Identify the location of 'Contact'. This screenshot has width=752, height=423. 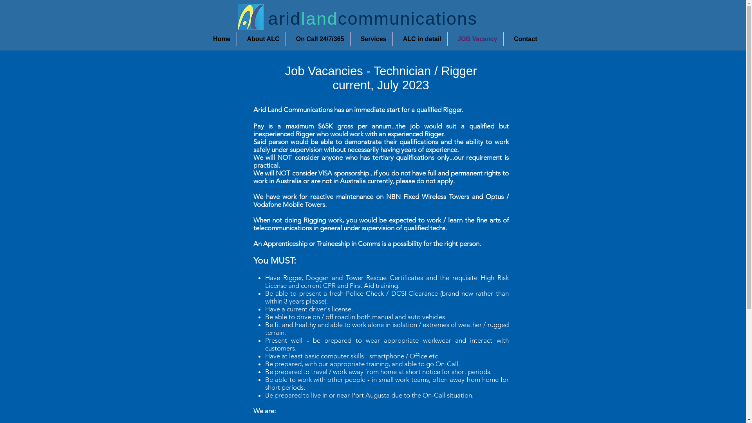
(523, 39).